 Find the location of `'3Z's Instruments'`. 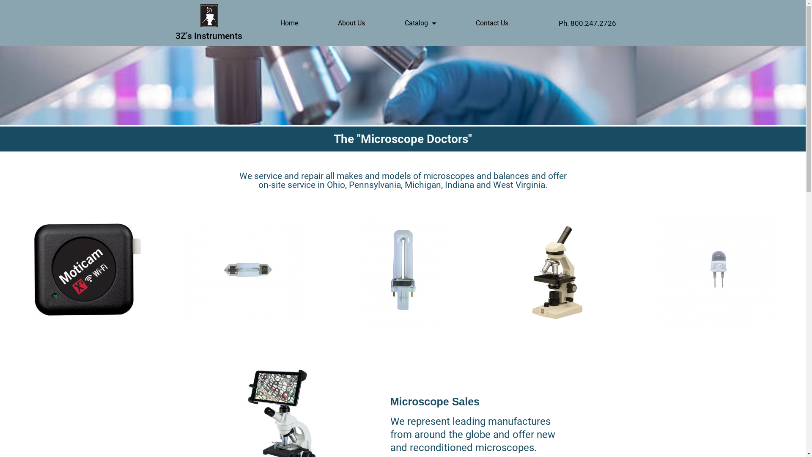

'3Z's Instruments' is located at coordinates (209, 35).